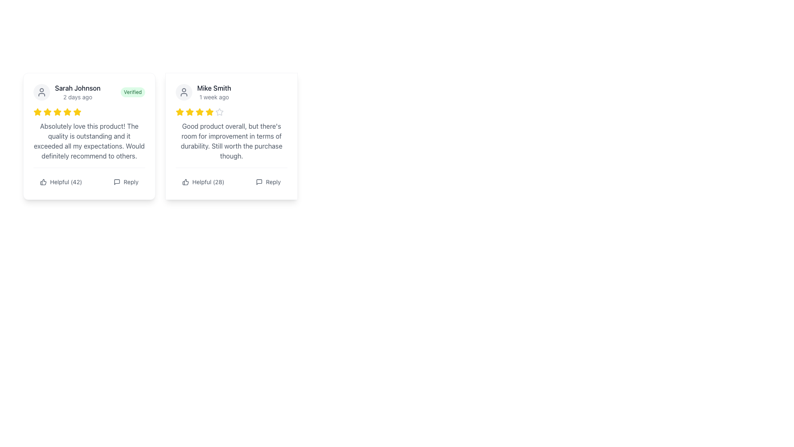  What do you see at coordinates (200, 112) in the screenshot?
I see `the fifth yellow star icon in the rating system for the review of 'Mike Smith'` at bounding box center [200, 112].